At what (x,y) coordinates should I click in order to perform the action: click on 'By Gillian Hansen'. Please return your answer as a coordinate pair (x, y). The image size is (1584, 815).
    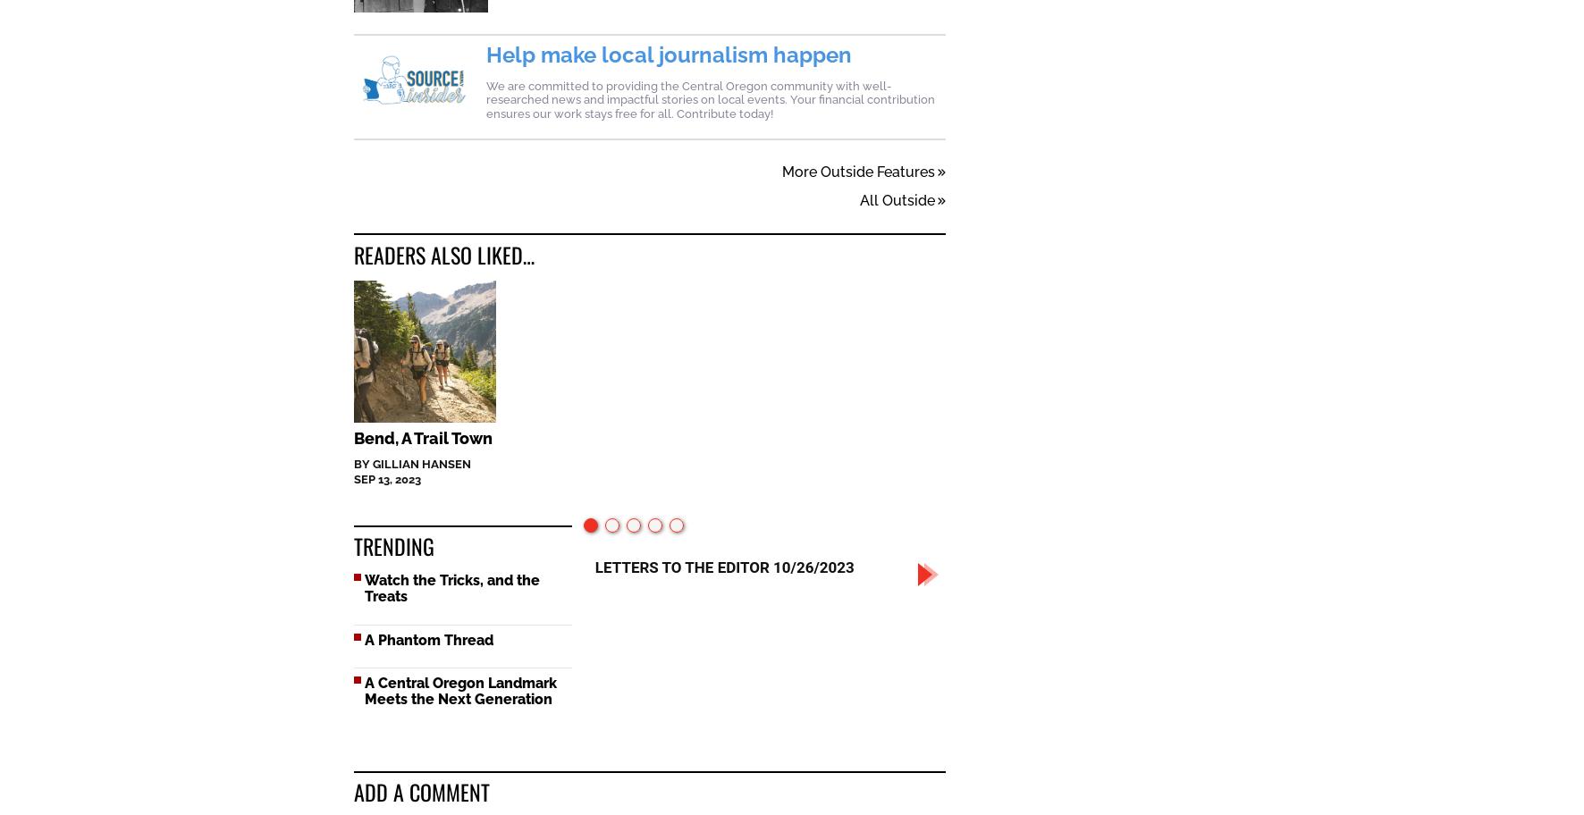
    Looking at the image, I should click on (411, 465).